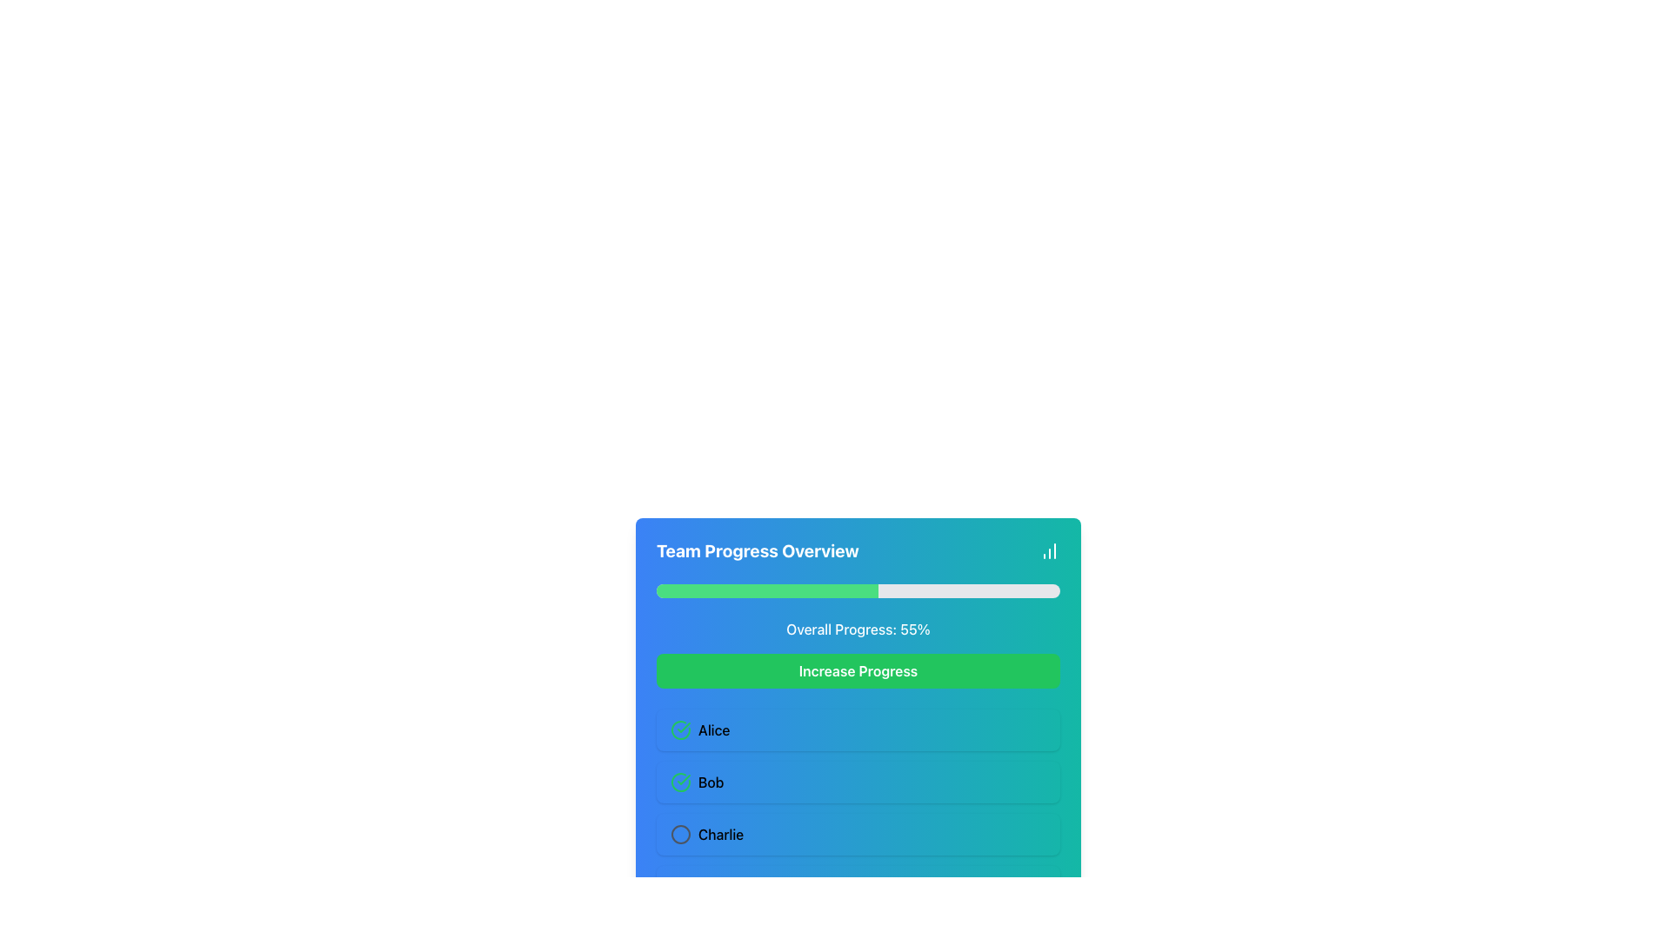 This screenshot has height=939, width=1670. Describe the element at coordinates (766, 589) in the screenshot. I see `the green progress bar within the 'Team Progress Overview' panel that indicates completion percentage` at that location.